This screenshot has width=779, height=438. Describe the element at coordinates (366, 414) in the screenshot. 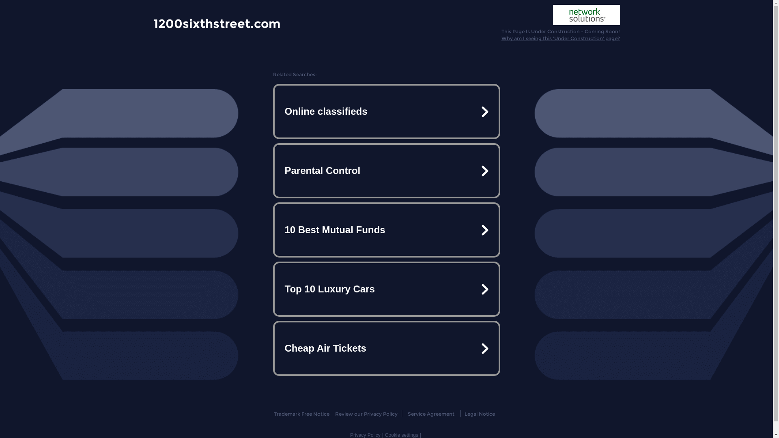

I see `'Review our Privacy Policy'` at that location.